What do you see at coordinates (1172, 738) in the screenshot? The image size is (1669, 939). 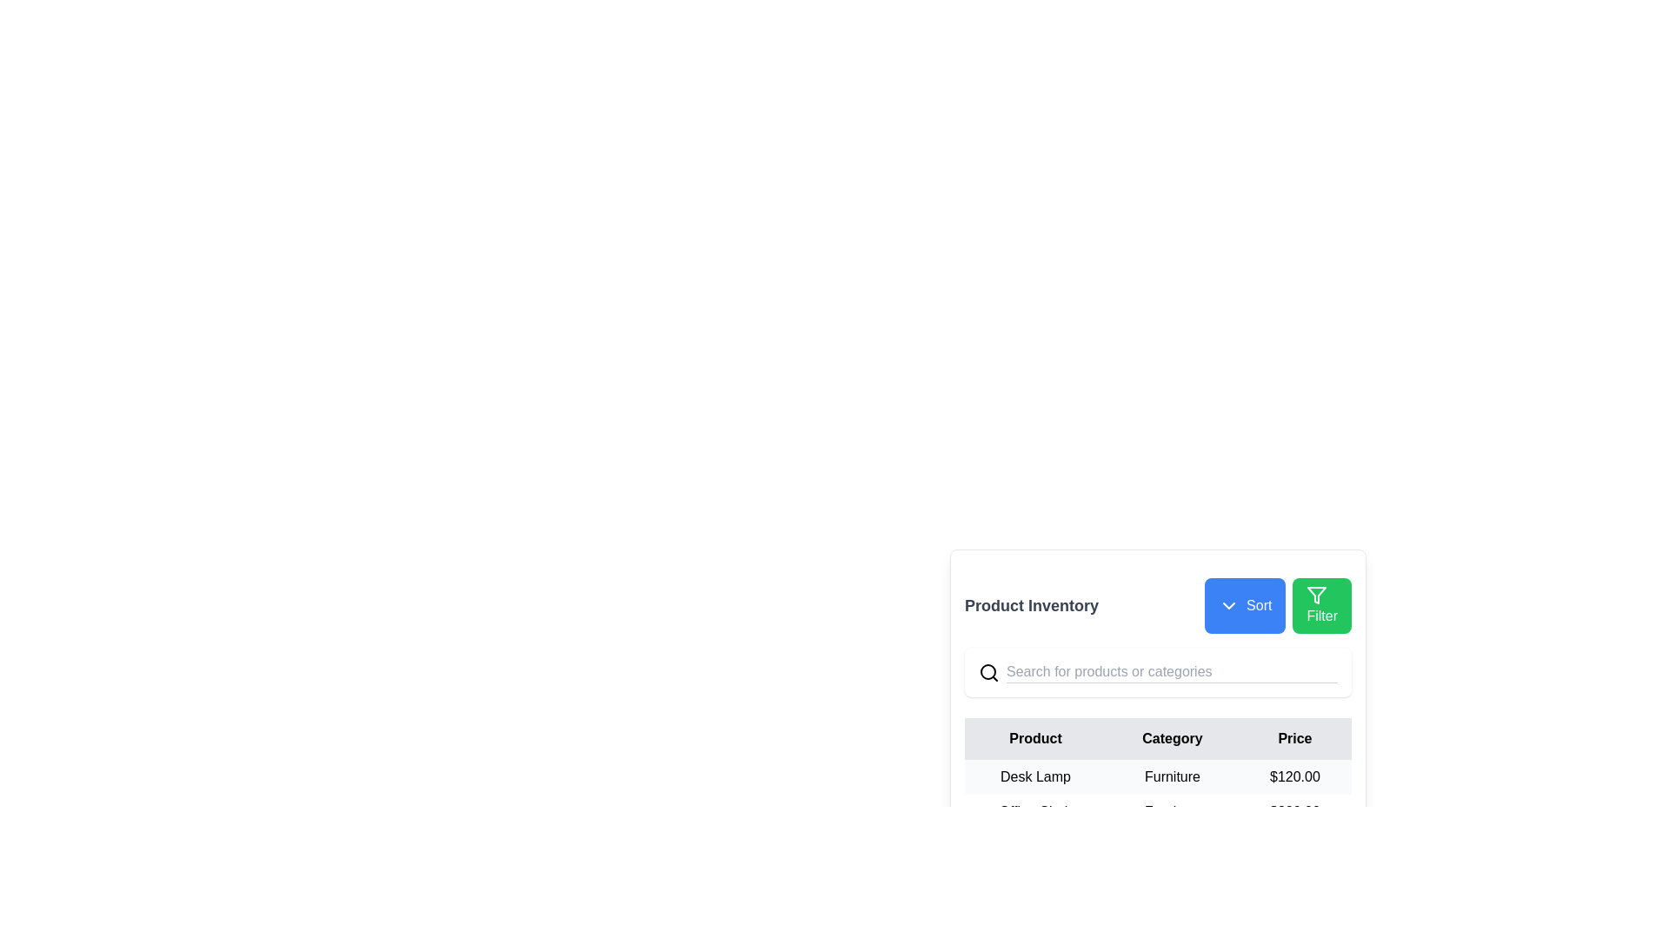 I see `the second header cell in the table, which is located between the 'Product' and 'Price' columns` at bounding box center [1172, 738].